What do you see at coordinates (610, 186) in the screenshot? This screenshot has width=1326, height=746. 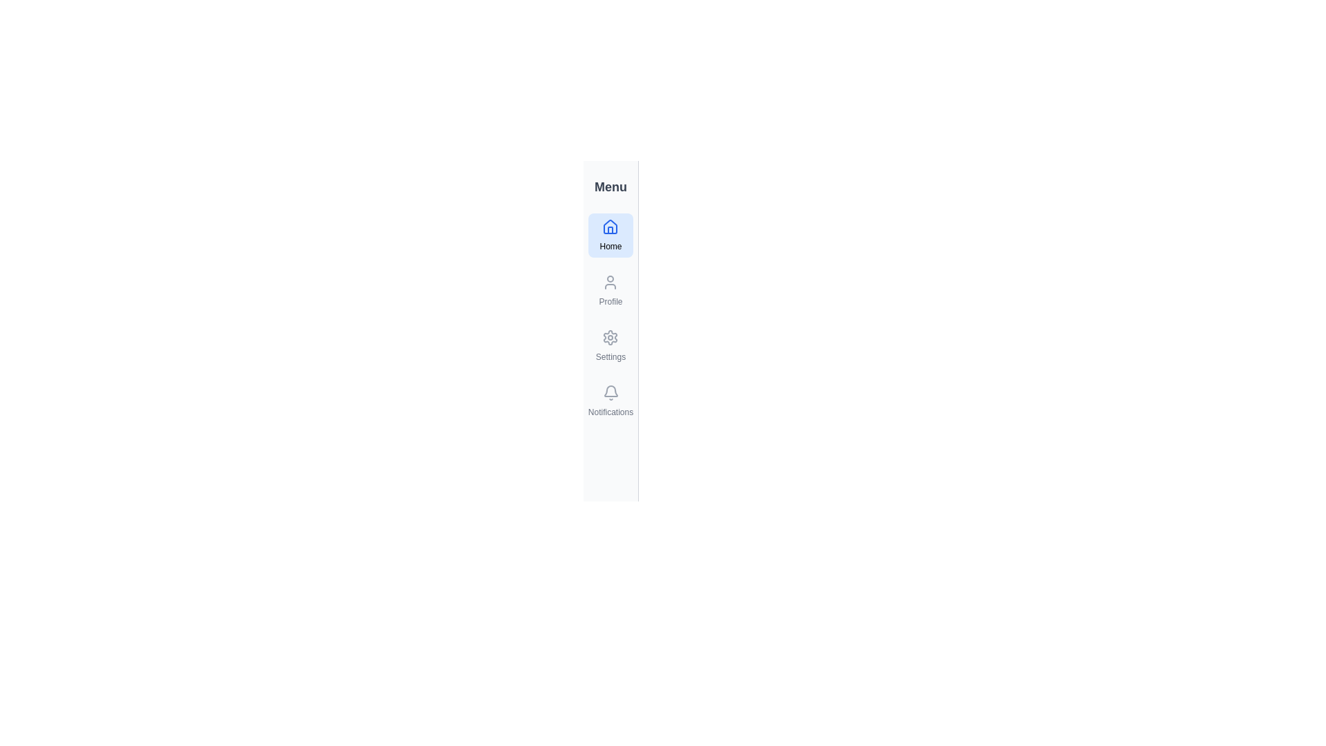 I see `the 'Menu' label, which is a bold gray text at the top of the vertical sidebar, serving as the title for the navigation section` at bounding box center [610, 186].